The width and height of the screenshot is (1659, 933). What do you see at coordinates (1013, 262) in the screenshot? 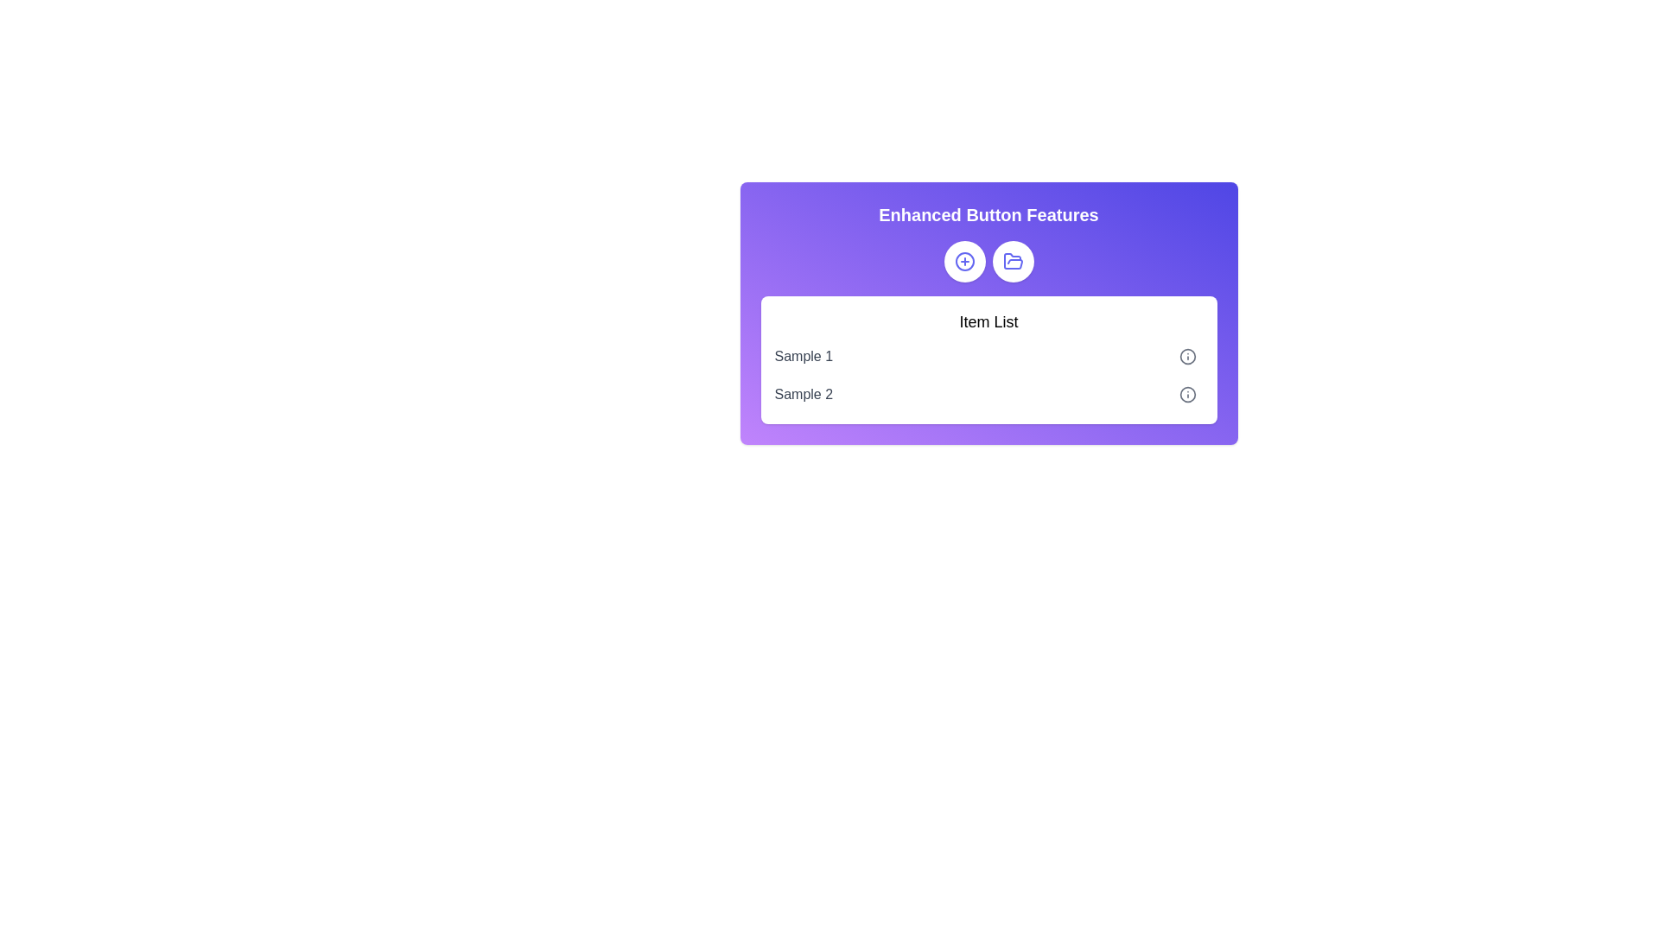
I see `the icon button located at the center of the right circular button in a group of two buttons, positioned in the upper-middle part of the panel` at bounding box center [1013, 262].